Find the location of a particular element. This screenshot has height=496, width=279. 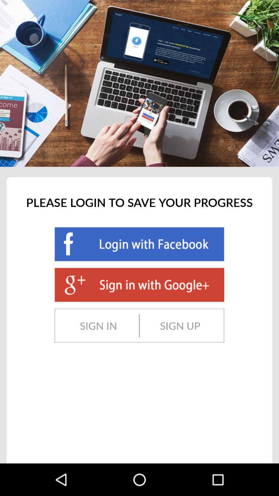

log in is located at coordinates (139, 244).